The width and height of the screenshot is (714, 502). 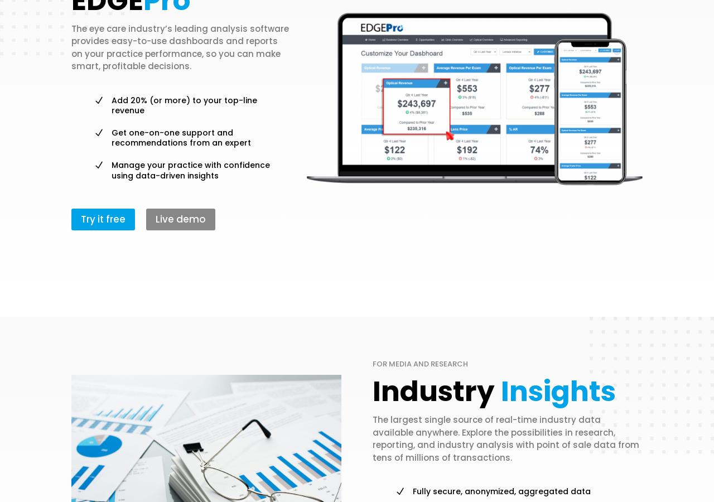 I want to click on 'Manage your practice with confidence using data-driven insights', so click(x=191, y=170).